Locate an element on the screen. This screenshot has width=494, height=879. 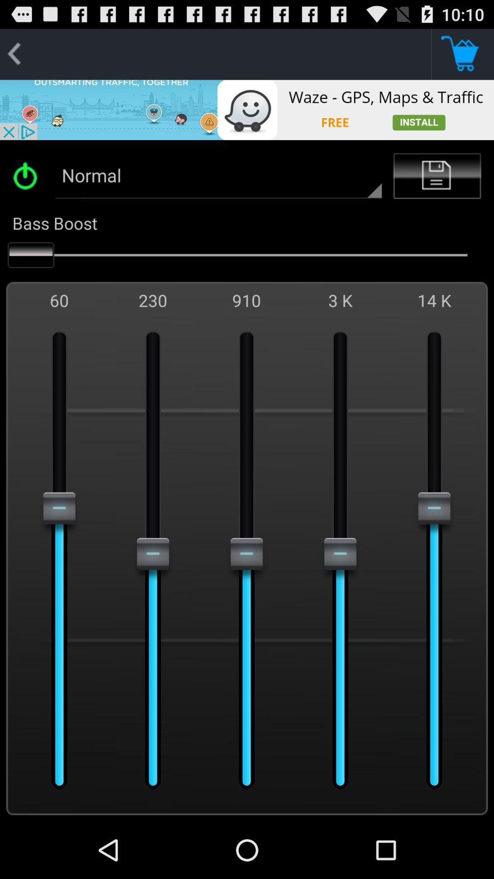
this button shop is located at coordinates (462, 54).